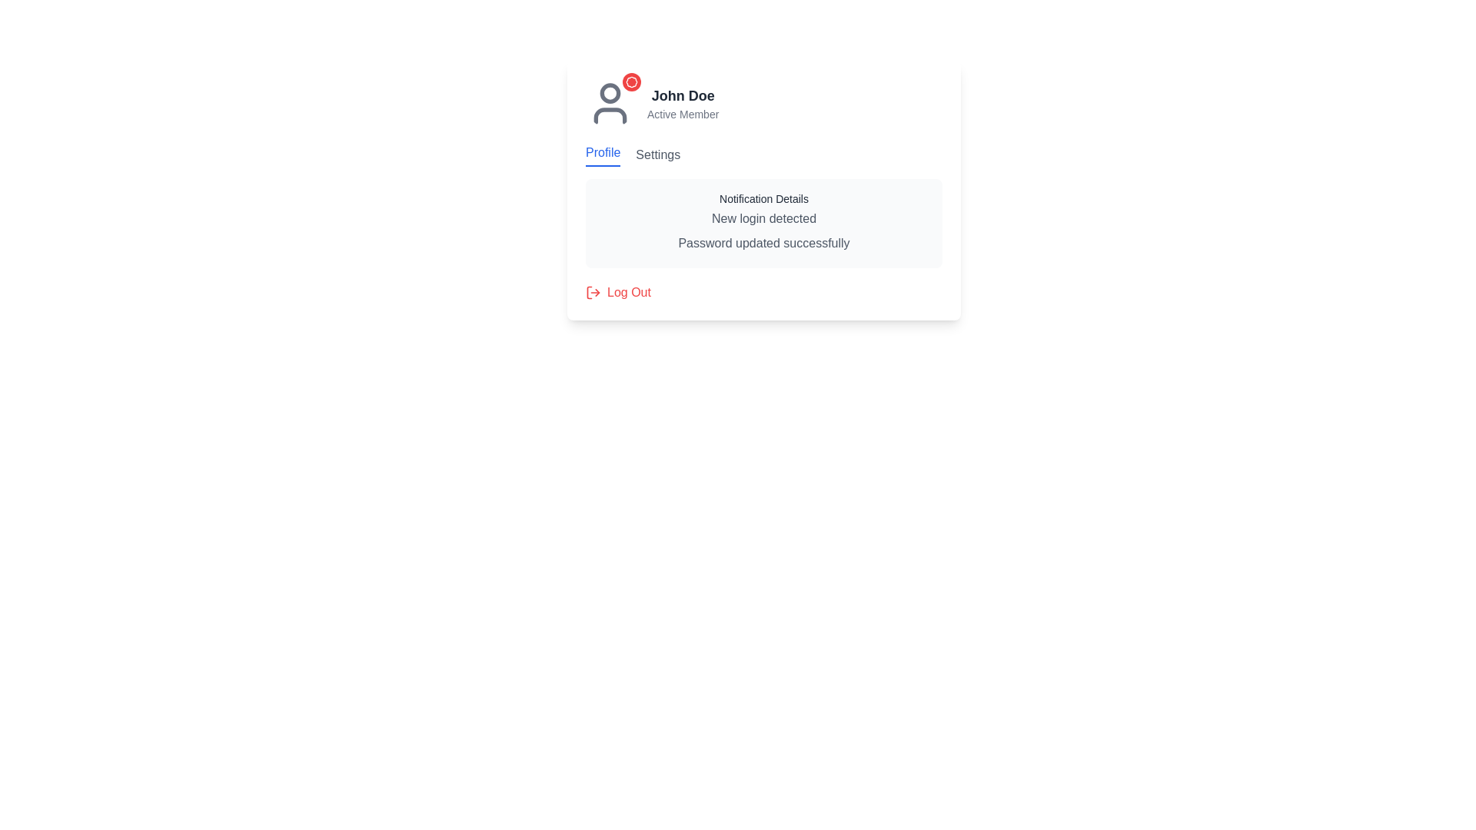 The height and width of the screenshot is (830, 1476). I want to click on the 'Log Out' text label, so click(629, 293).